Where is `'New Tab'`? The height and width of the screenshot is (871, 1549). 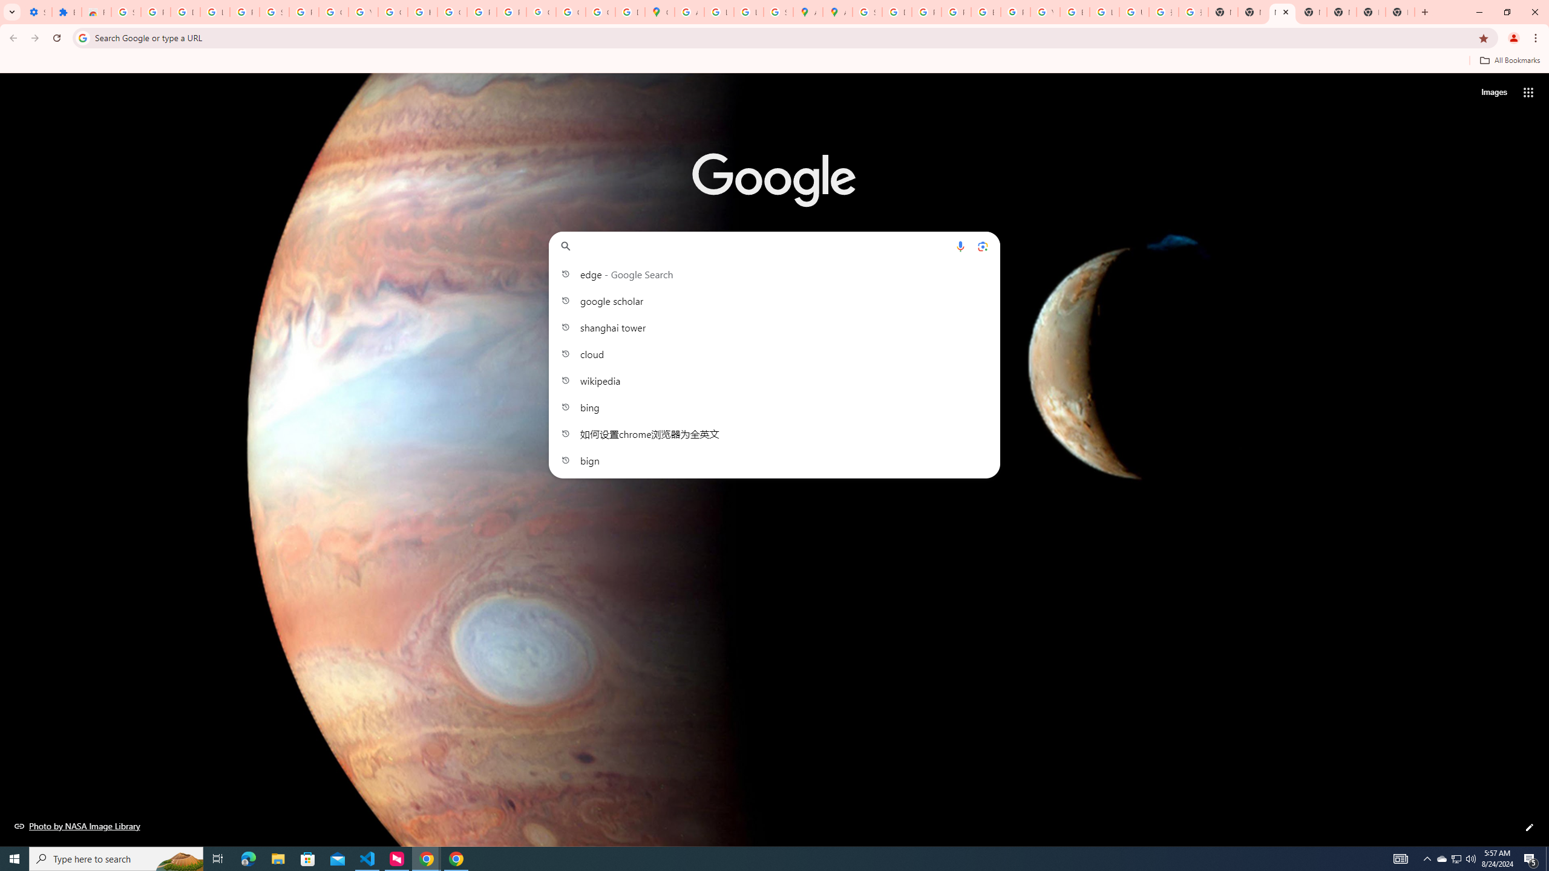 'New Tab' is located at coordinates (1371, 11).